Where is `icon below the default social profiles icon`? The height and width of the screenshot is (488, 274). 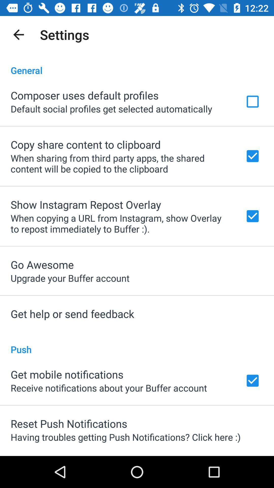
icon below the default social profiles icon is located at coordinates (85, 144).